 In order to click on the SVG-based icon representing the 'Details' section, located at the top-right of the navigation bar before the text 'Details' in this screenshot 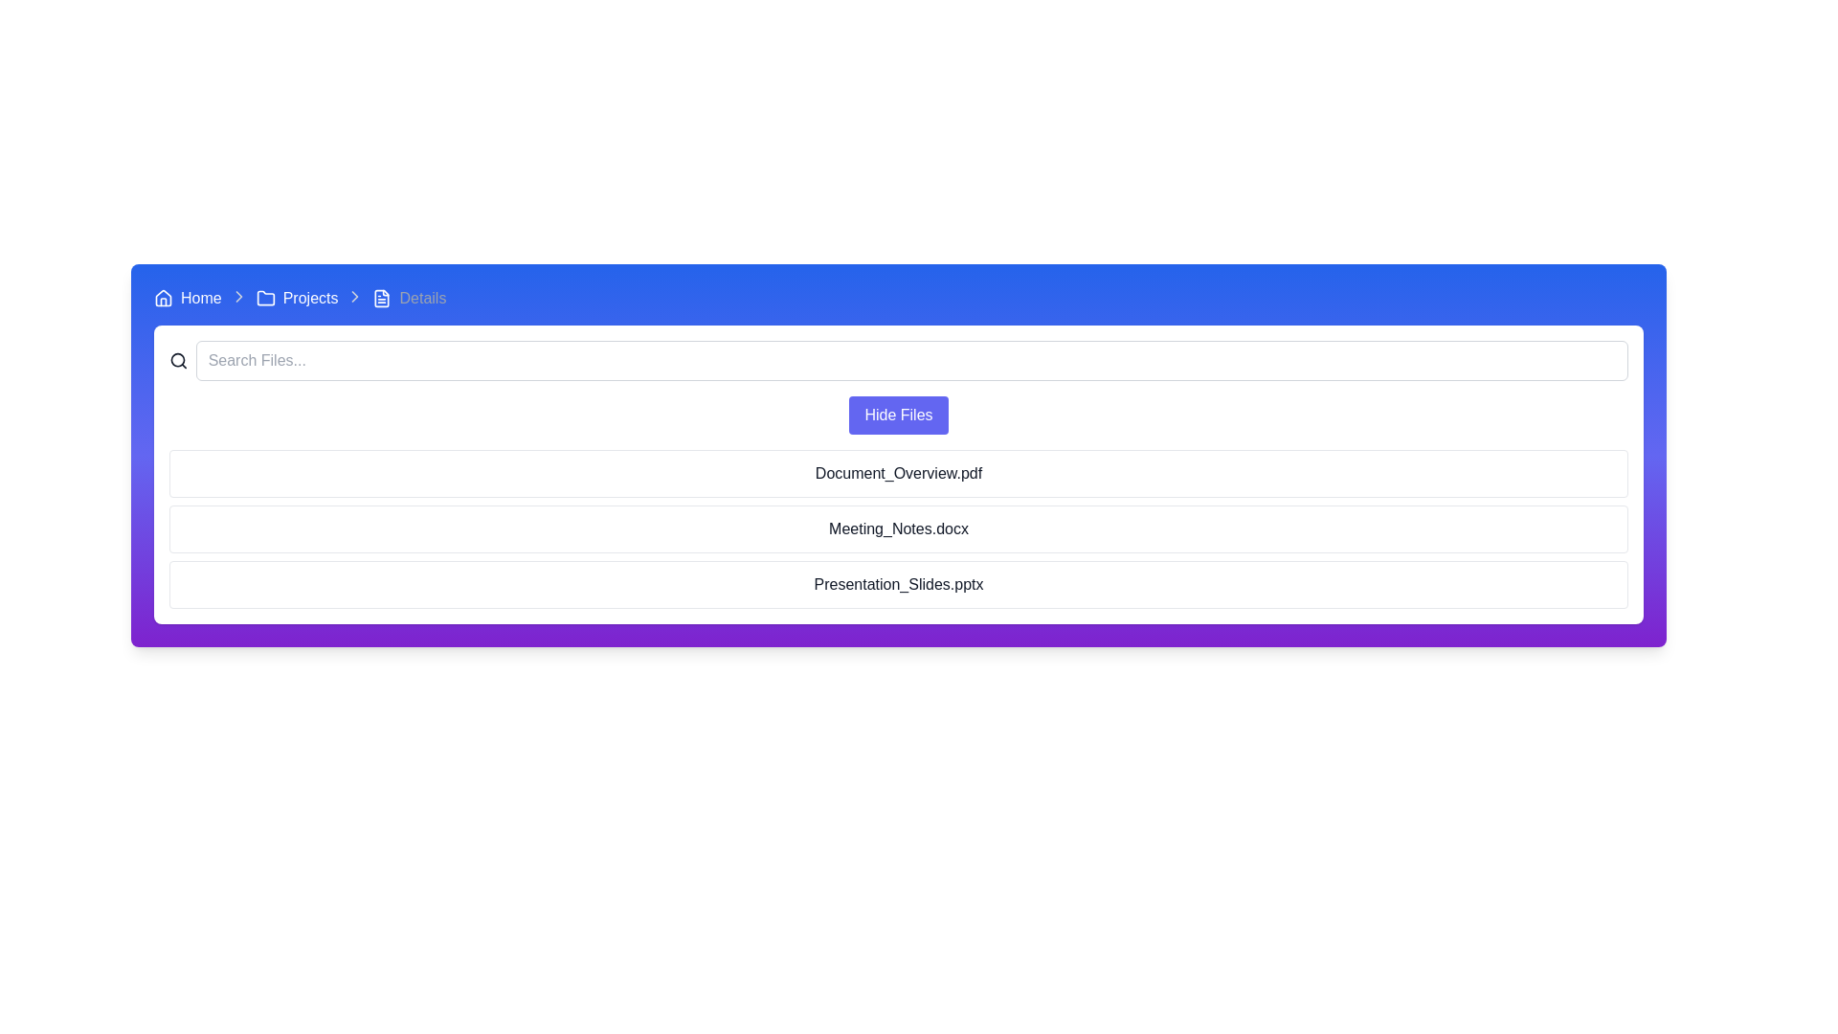, I will do `click(382, 299)`.